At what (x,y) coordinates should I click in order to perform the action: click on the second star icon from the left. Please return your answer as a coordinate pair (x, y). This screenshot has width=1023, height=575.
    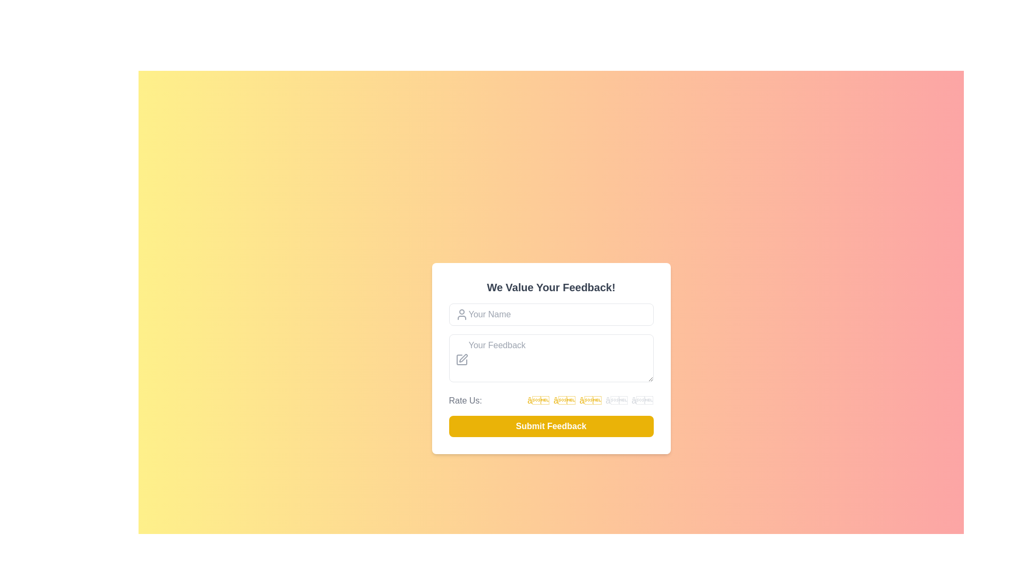
    Looking at the image, I should click on (564, 400).